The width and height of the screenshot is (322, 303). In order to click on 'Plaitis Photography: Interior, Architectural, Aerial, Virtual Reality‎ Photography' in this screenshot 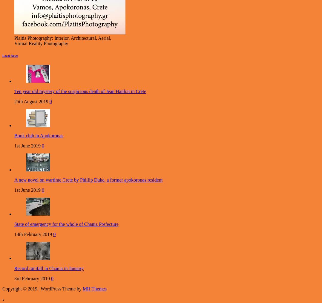, I will do `click(14, 41)`.